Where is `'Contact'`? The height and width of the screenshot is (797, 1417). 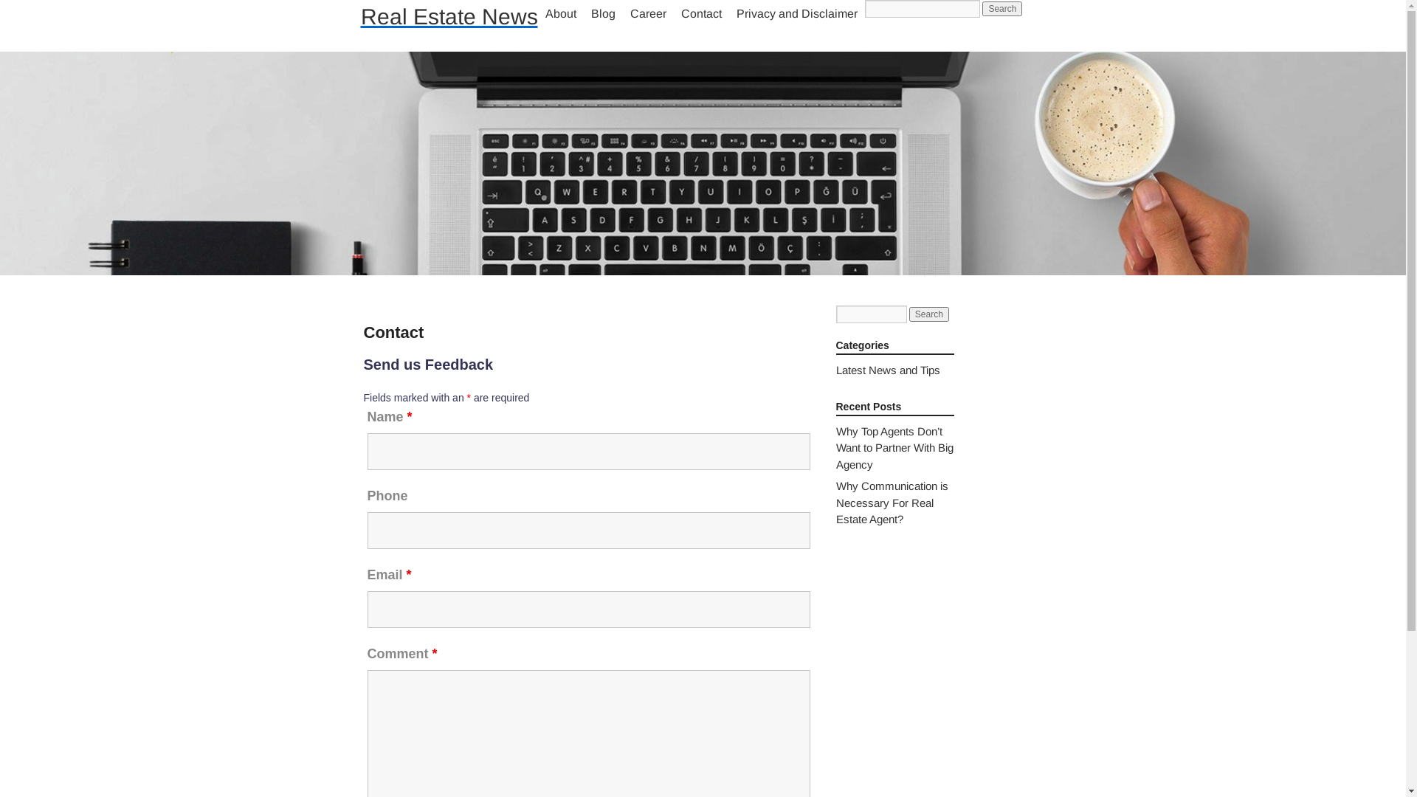
'Contact' is located at coordinates (672, 14).